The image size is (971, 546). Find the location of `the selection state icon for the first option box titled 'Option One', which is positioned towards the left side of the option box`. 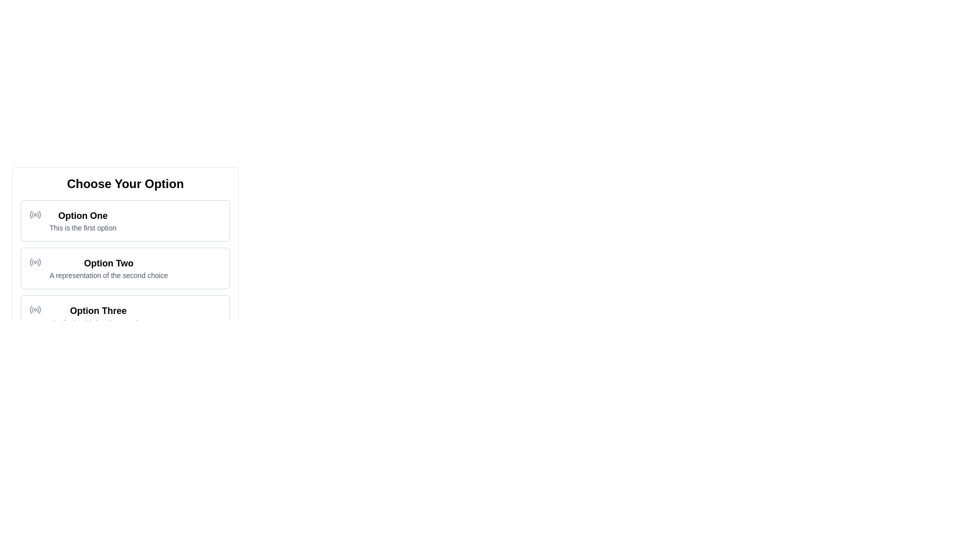

the selection state icon for the first option box titled 'Option One', which is positioned towards the left side of the option box is located at coordinates (35, 214).